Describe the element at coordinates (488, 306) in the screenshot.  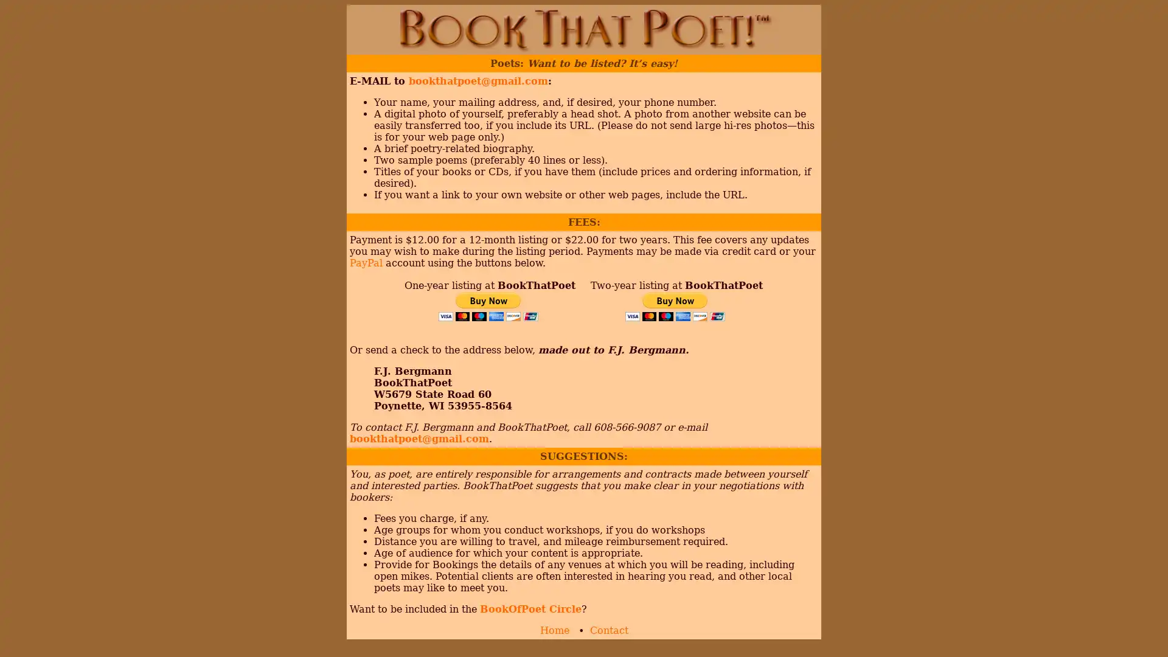
I see `PayPal - The safer, easier way to pay online!` at that location.